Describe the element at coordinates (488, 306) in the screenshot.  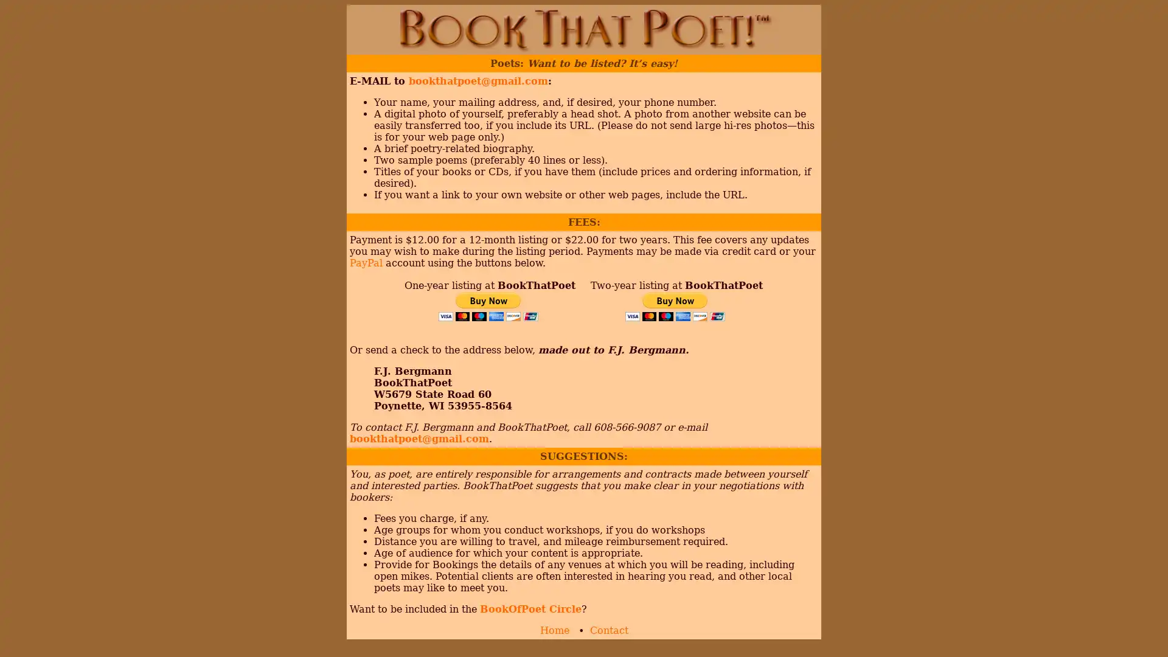
I see `PayPal - The safer, easier way to pay online!` at that location.